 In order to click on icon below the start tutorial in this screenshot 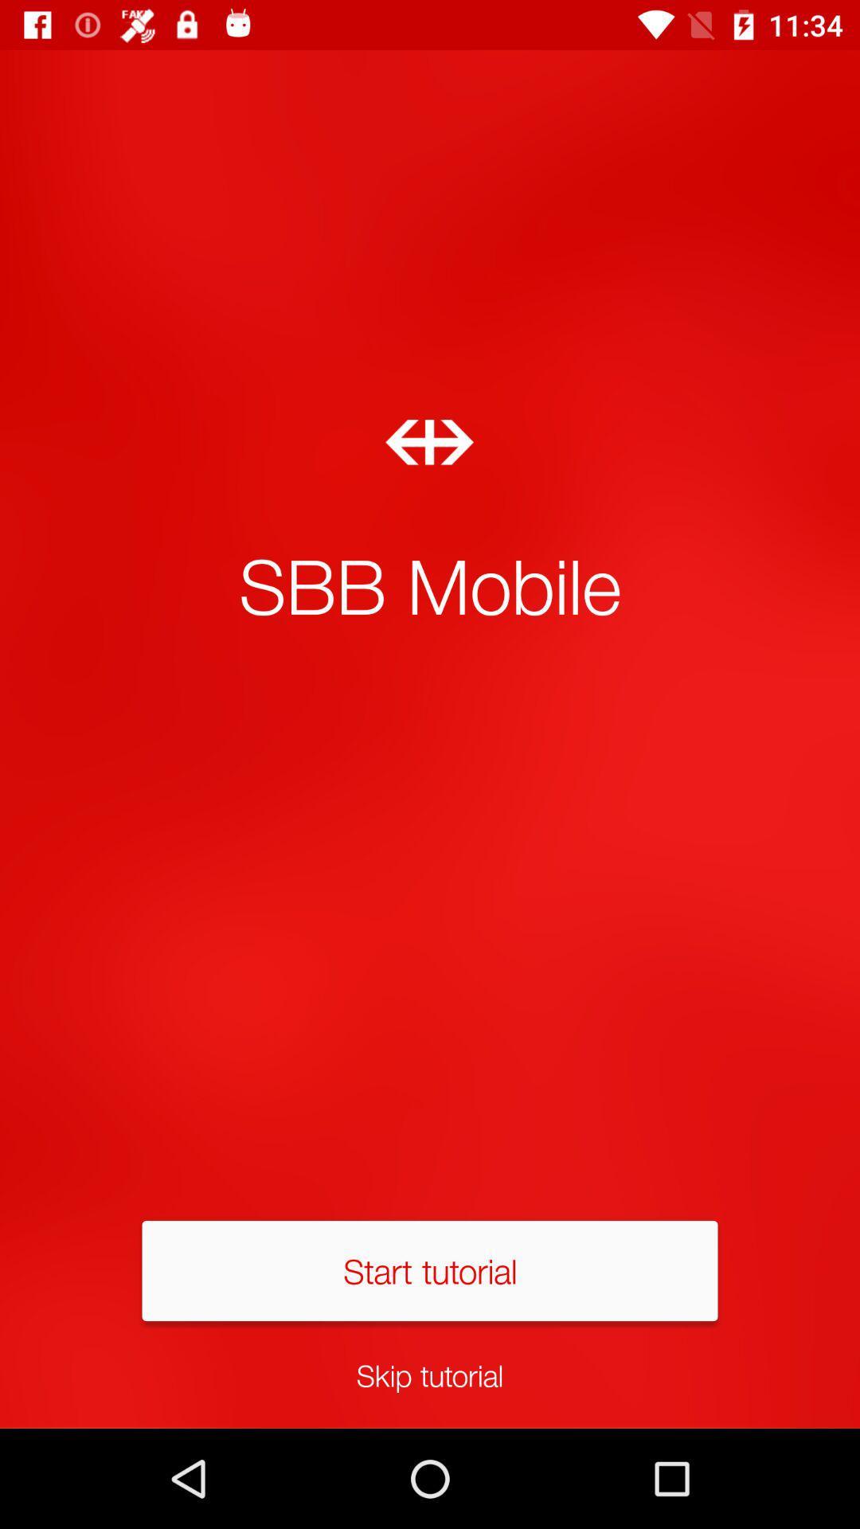, I will do `click(430, 1374)`.